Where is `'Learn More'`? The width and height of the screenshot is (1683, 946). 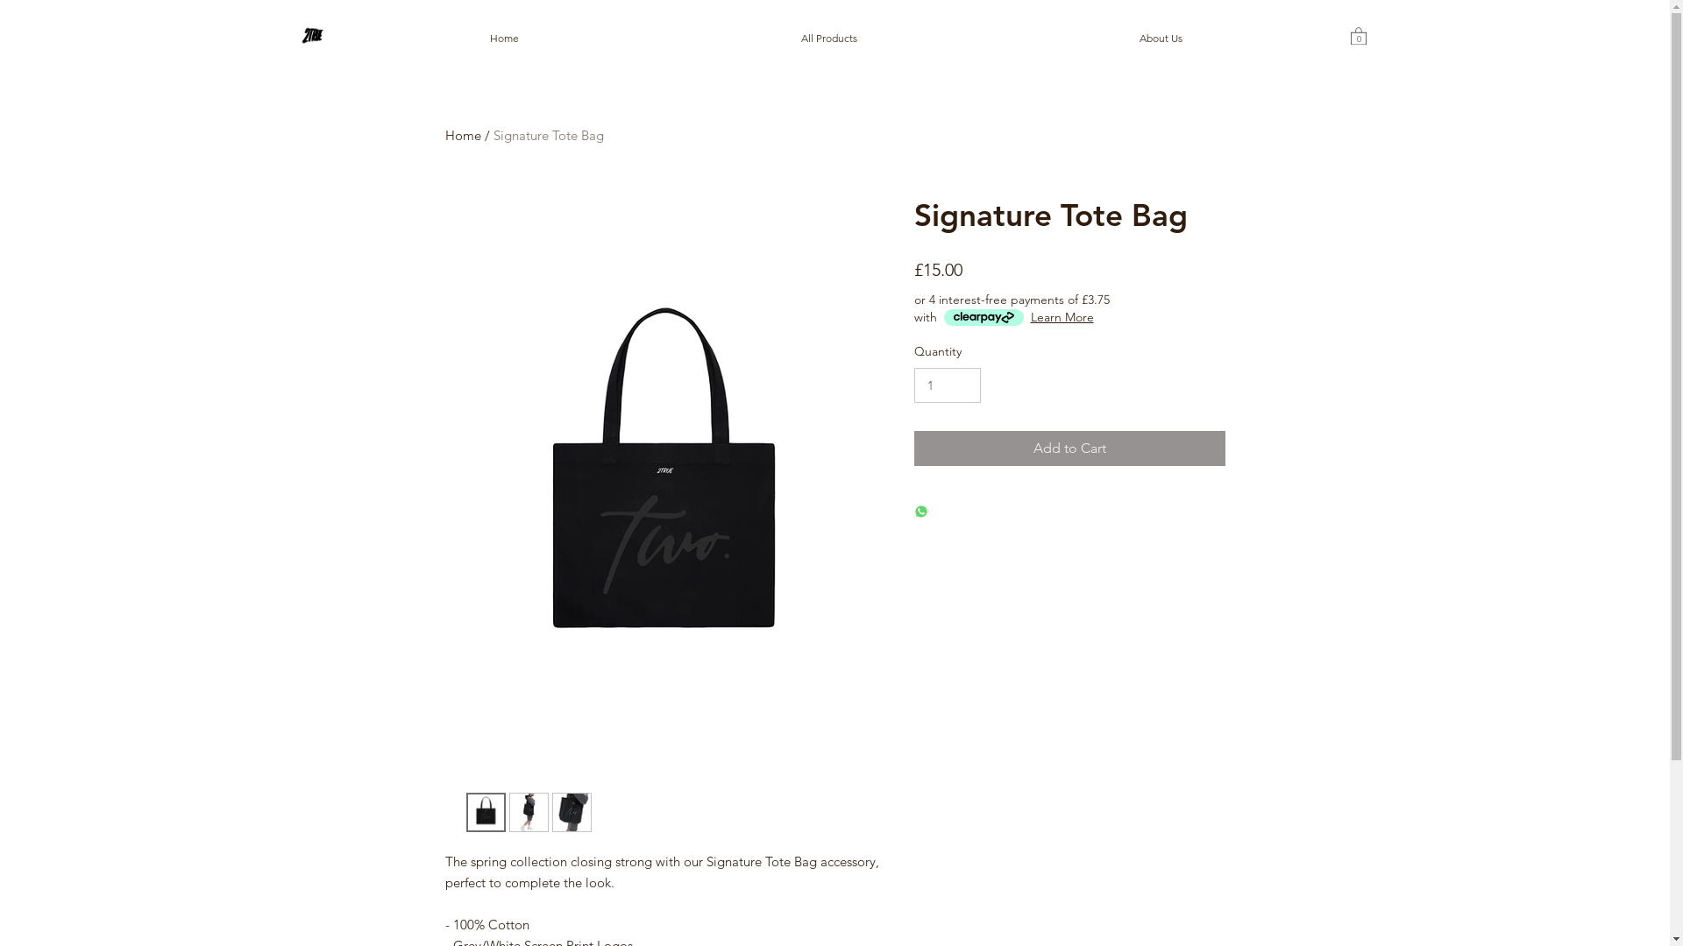 'Learn More' is located at coordinates (1062, 317).